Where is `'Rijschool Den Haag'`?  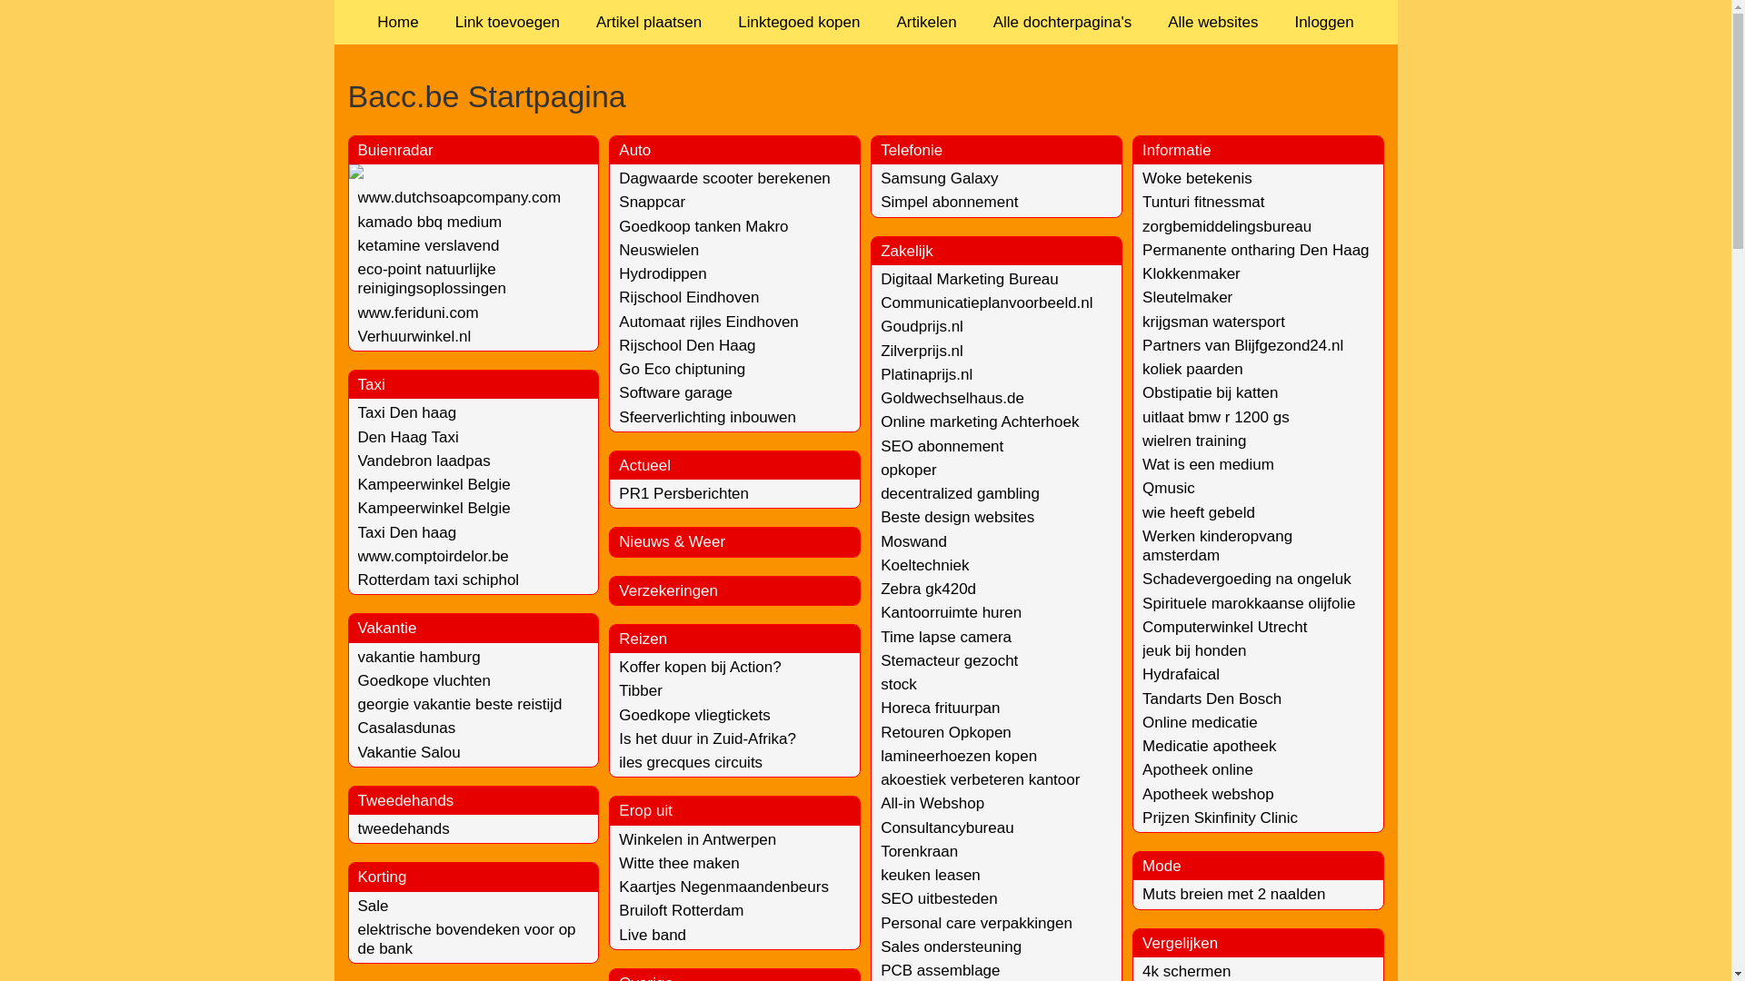 'Rijschool Den Haag' is located at coordinates (685, 345).